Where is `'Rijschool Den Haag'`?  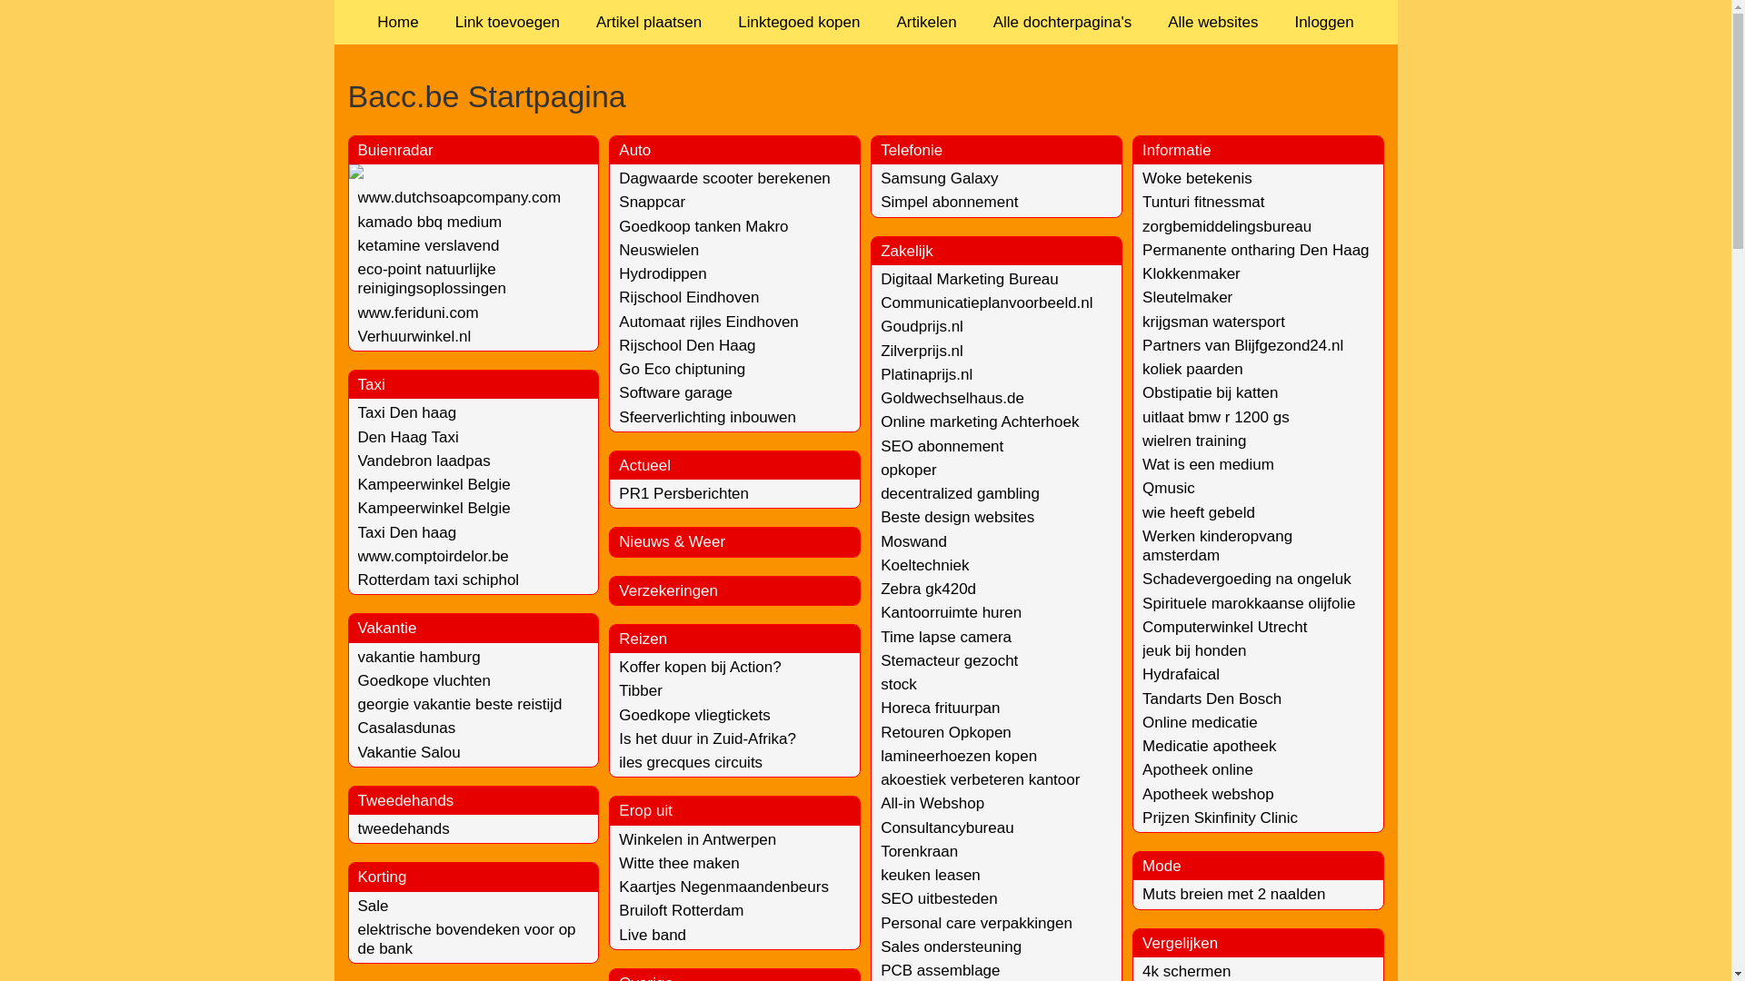 'Rijschool Den Haag' is located at coordinates (685, 345).